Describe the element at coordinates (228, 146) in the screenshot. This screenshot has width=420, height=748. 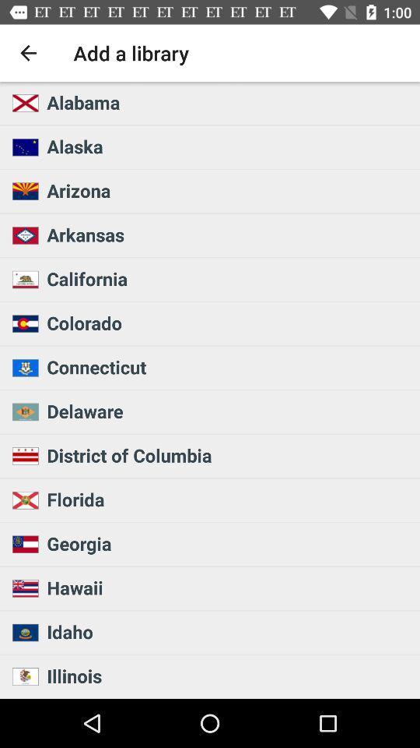
I see `the icon below alabama` at that location.